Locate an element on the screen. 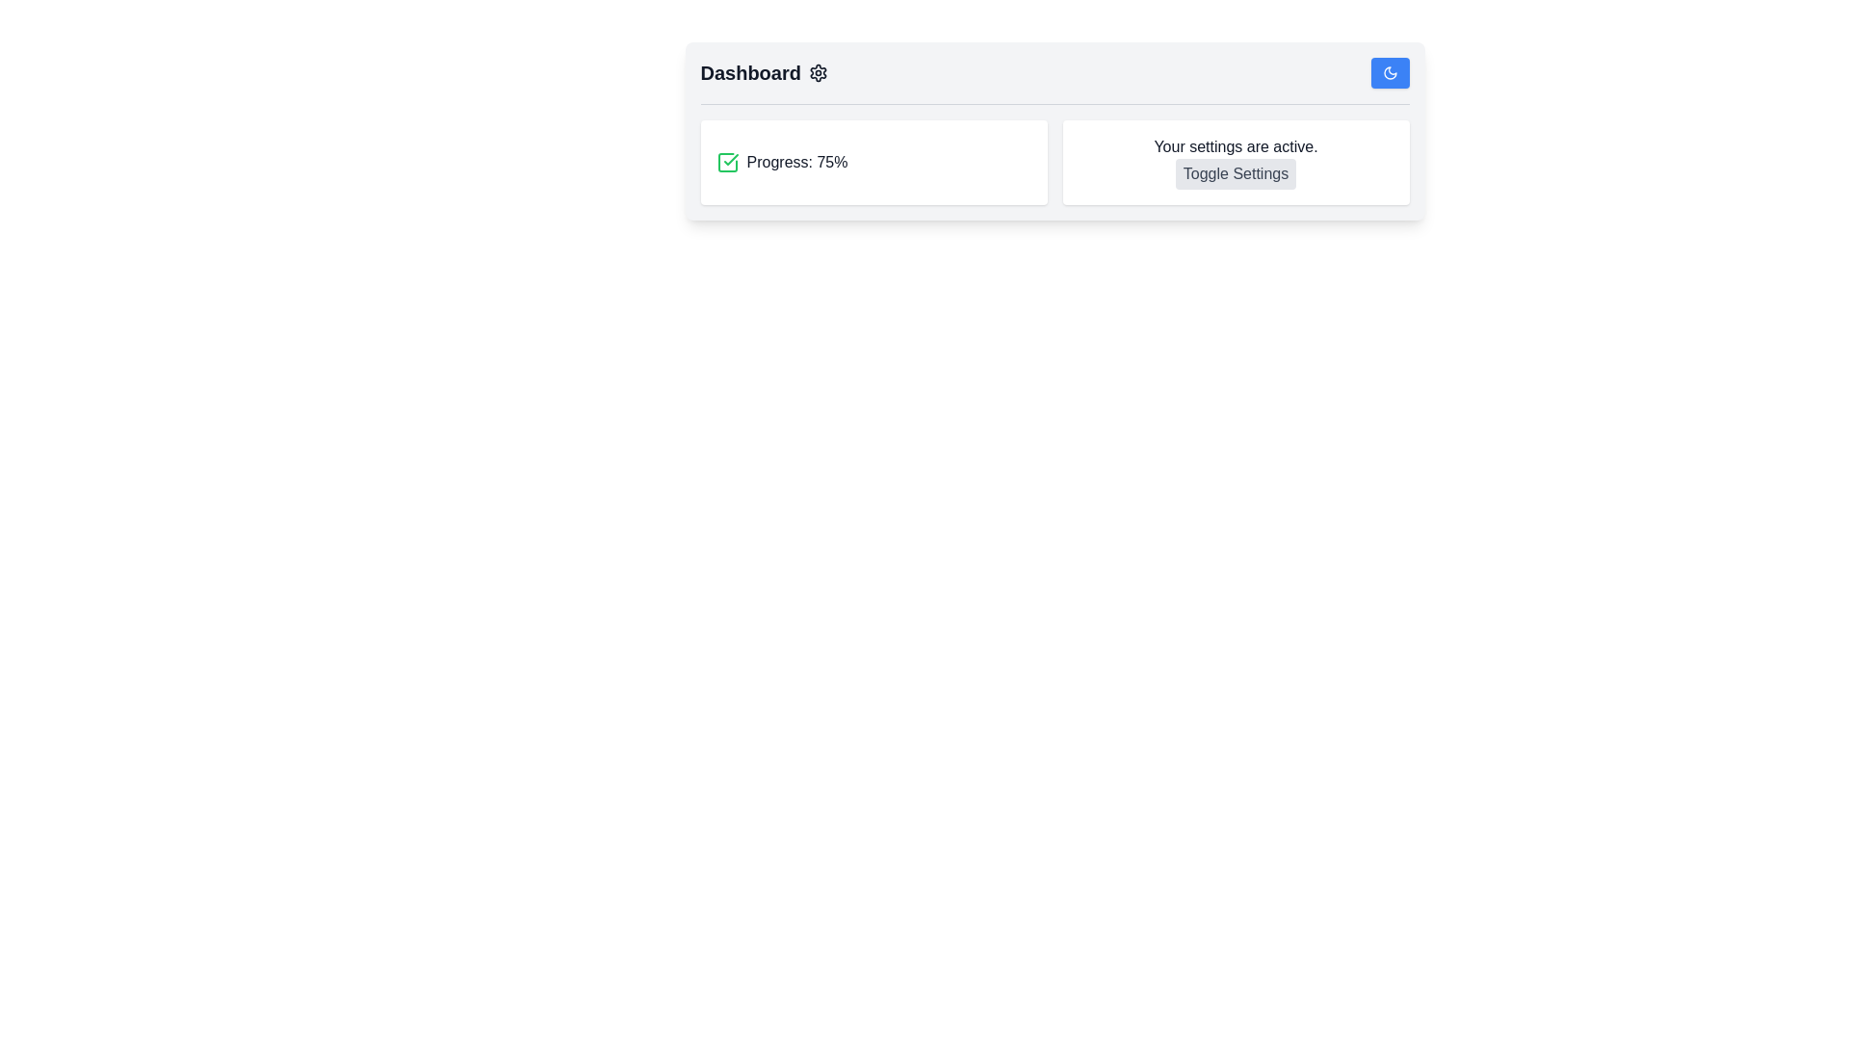  the Check mark icon in the SVG element that signifies a 'checked' status, located to the left of the text 'Progress: 75%' in the Dashboard interface is located at coordinates (729, 158).